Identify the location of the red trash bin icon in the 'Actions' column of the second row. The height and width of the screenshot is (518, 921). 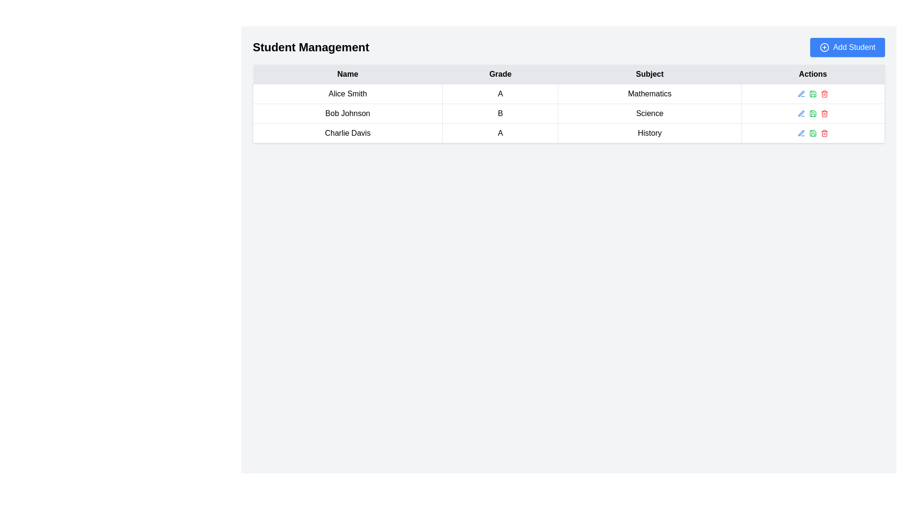
(824, 113).